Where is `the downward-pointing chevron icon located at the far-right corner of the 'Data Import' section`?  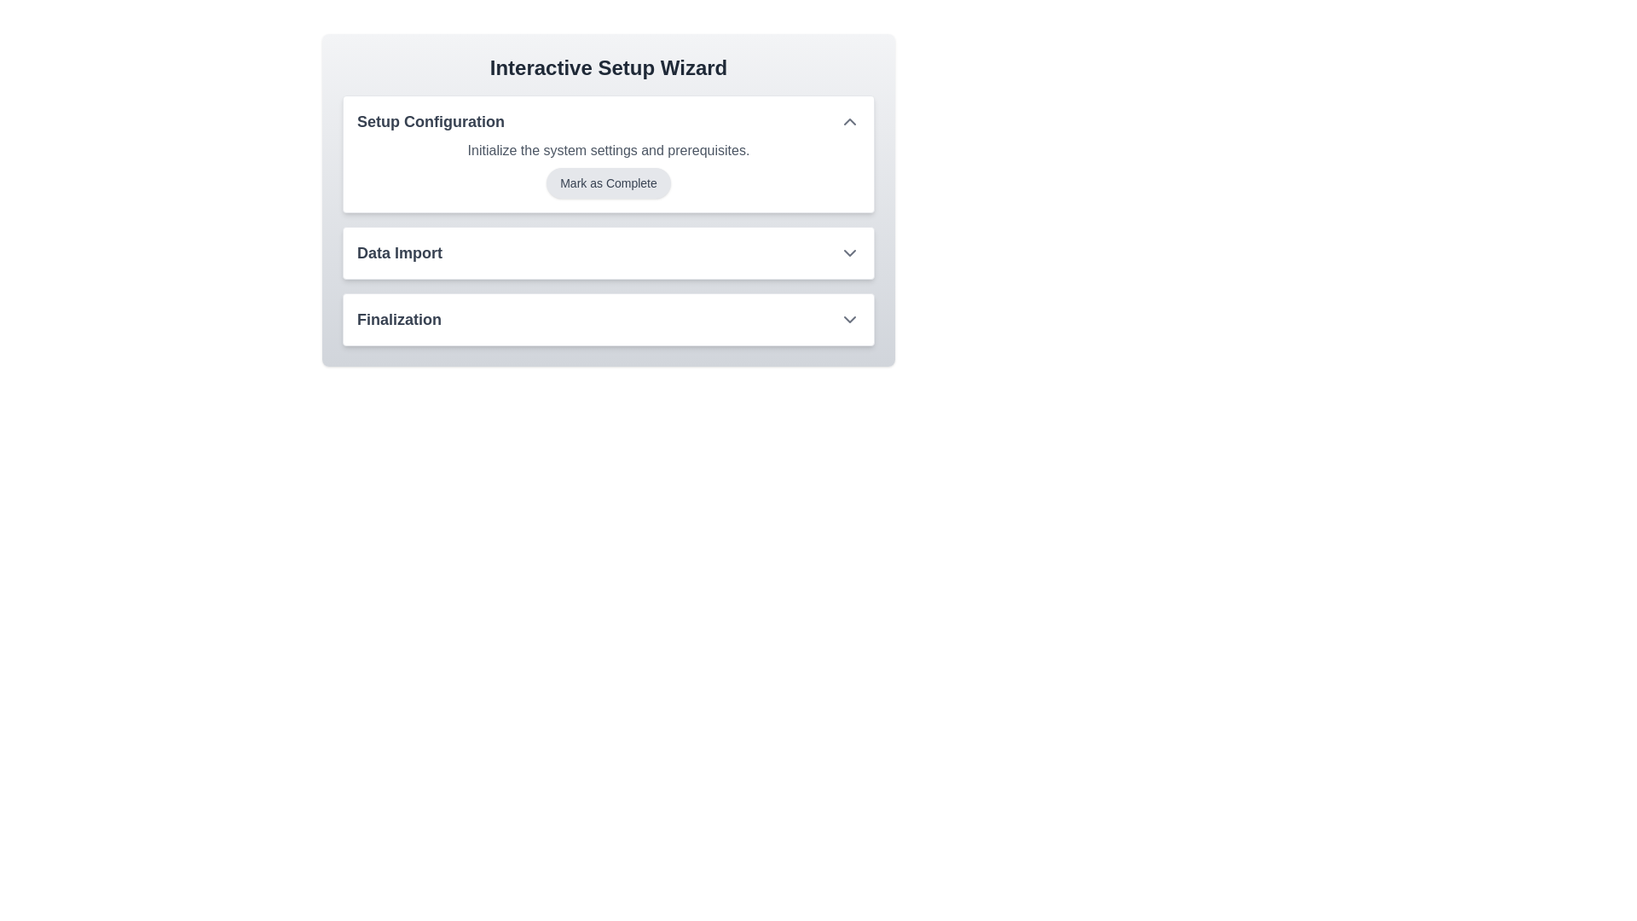
the downward-pointing chevron icon located at the far-right corner of the 'Data Import' section is located at coordinates (850, 253).